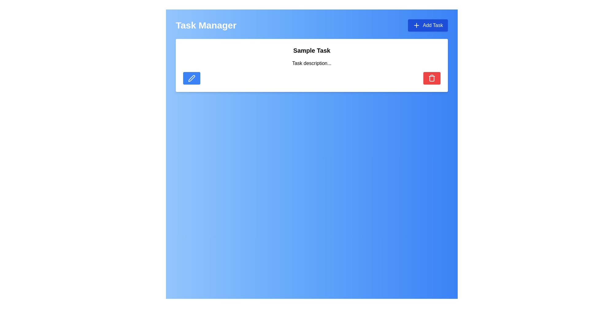 This screenshot has width=589, height=331. What do you see at coordinates (431, 78) in the screenshot?
I see `the red delete icon within the button on the right side of the task card` at bounding box center [431, 78].